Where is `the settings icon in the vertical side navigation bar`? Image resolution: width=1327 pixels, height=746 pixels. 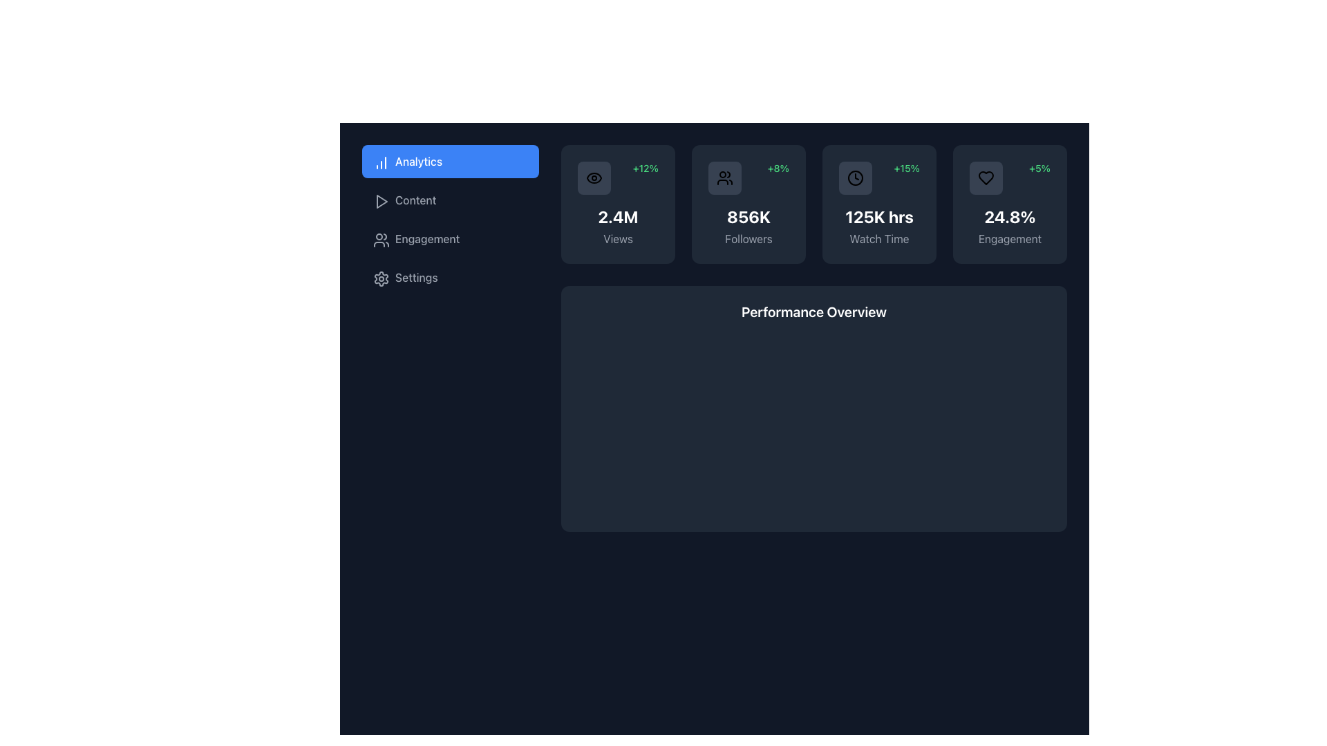
the settings icon in the vertical side navigation bar is located at coordinates (382, 279).